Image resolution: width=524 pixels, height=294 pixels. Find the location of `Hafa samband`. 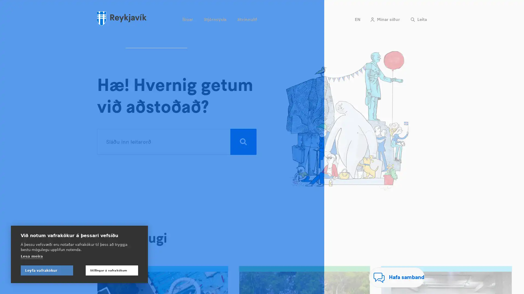

Hafa samband is located at coordinates (400, 273).